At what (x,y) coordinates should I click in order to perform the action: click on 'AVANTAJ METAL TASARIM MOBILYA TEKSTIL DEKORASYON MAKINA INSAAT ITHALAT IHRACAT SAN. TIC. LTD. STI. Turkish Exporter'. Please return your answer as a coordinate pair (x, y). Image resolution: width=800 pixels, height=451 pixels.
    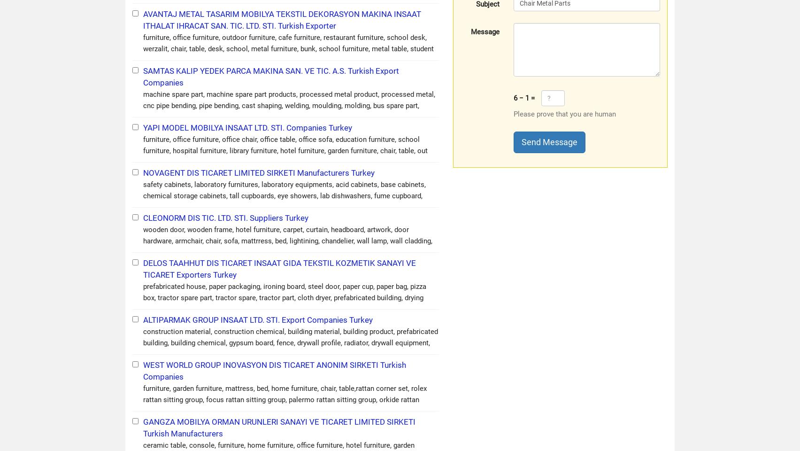
    Looking at the image, I should click on (282, 19).